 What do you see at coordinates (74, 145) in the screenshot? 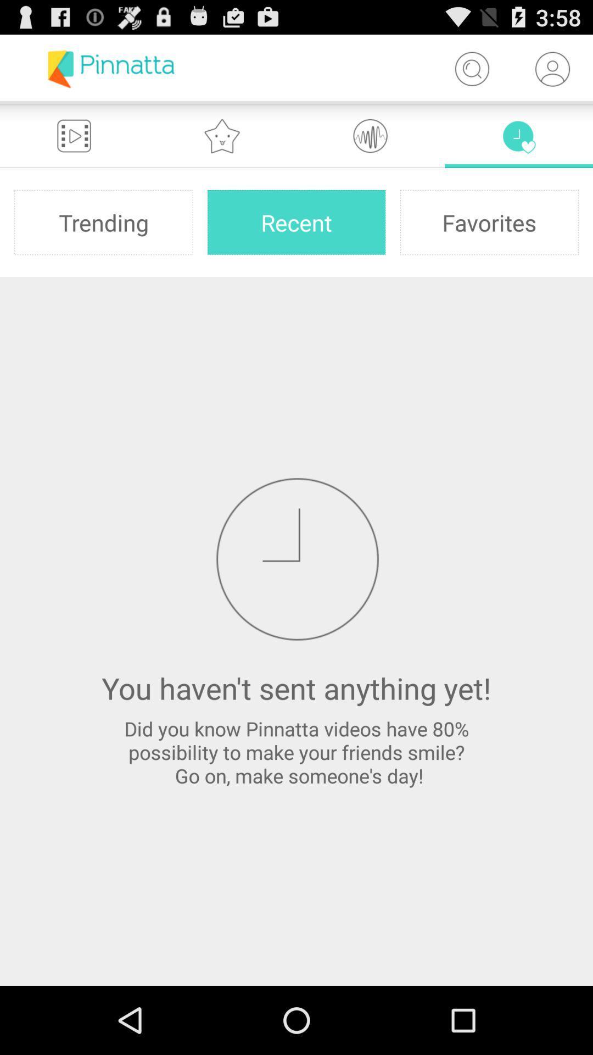
I see `the fullscreen icon` at bounding box center [74, 145].